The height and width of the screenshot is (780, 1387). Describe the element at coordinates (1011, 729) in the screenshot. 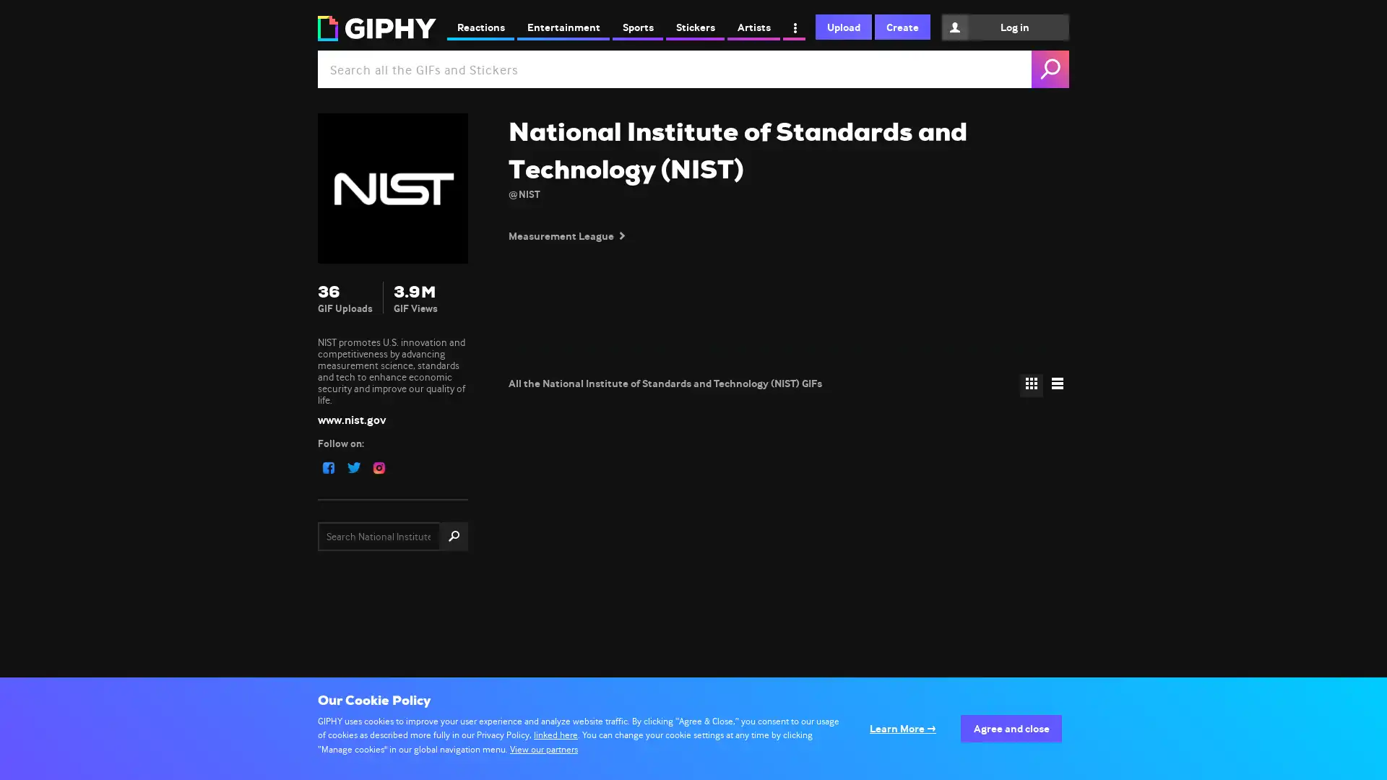

I see `Agree to our data processing and close` at that location.